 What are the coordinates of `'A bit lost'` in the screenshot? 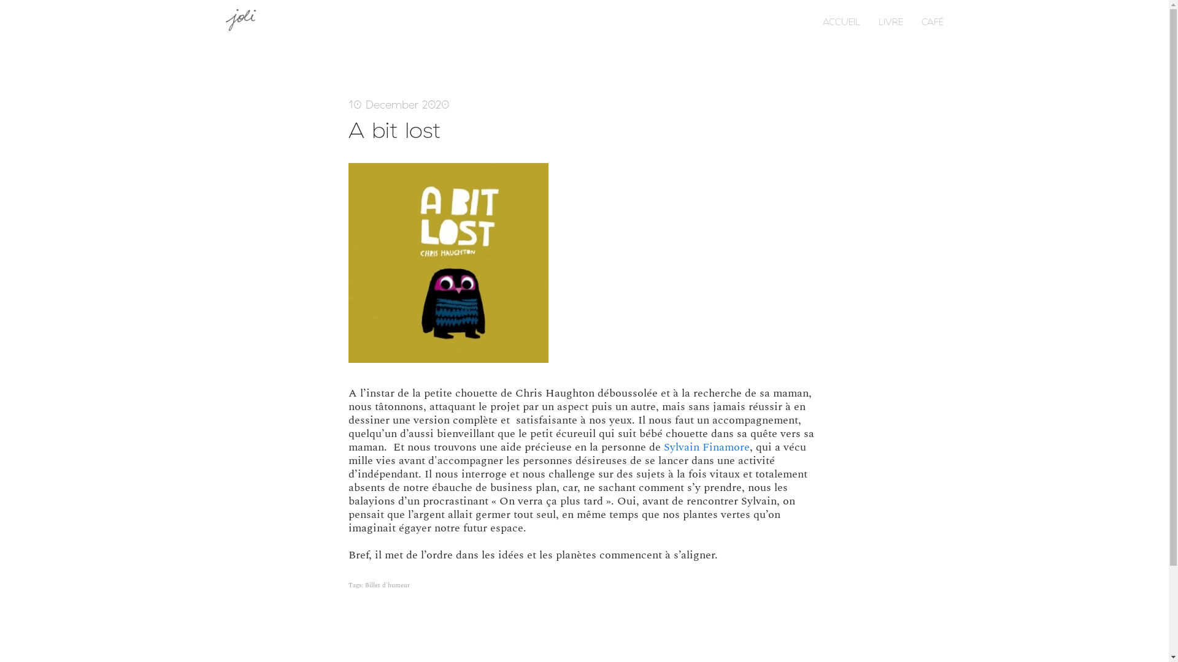 It's located at (347, 129).